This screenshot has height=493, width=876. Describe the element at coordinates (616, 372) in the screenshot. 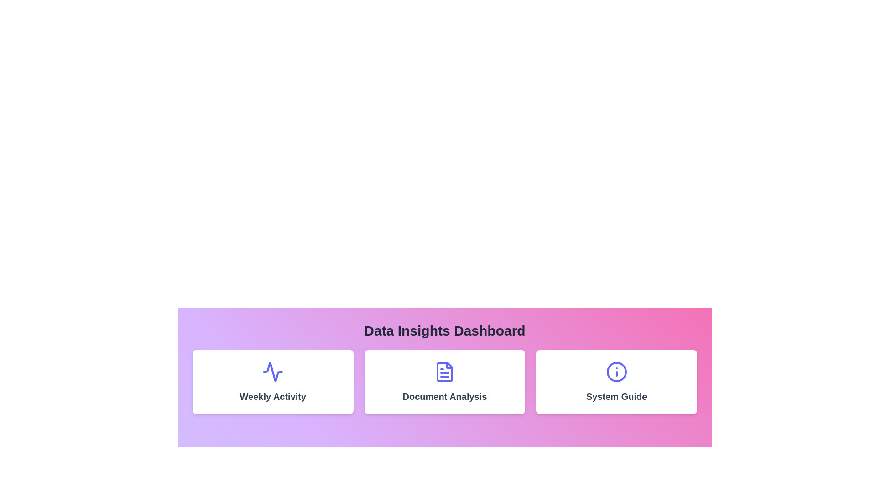

I see `SVG Circle element located in the 'System Guide' section, which has a blue stroke and white fill, for further details` at that location.